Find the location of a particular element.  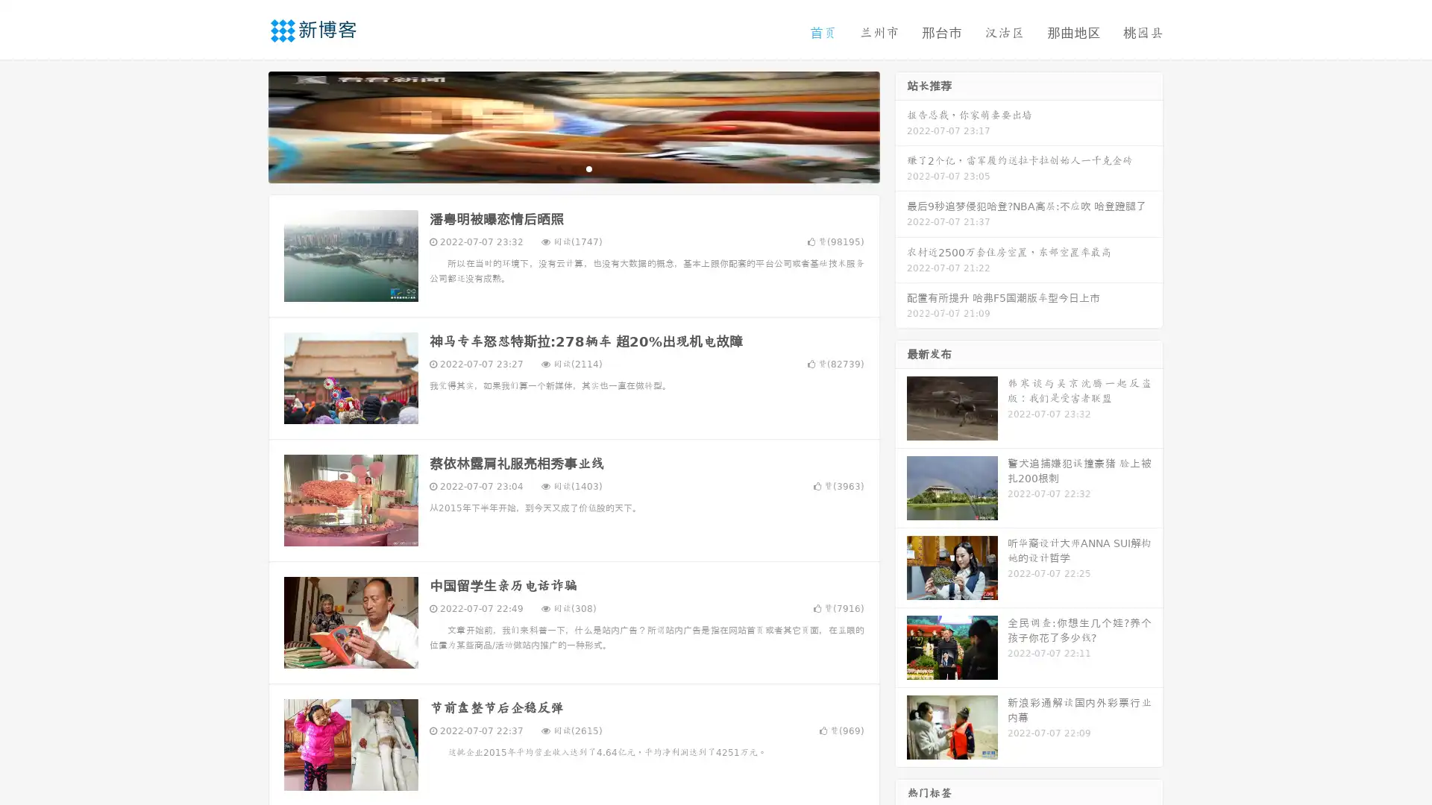

Next slide is located at coordinates (901, 125).